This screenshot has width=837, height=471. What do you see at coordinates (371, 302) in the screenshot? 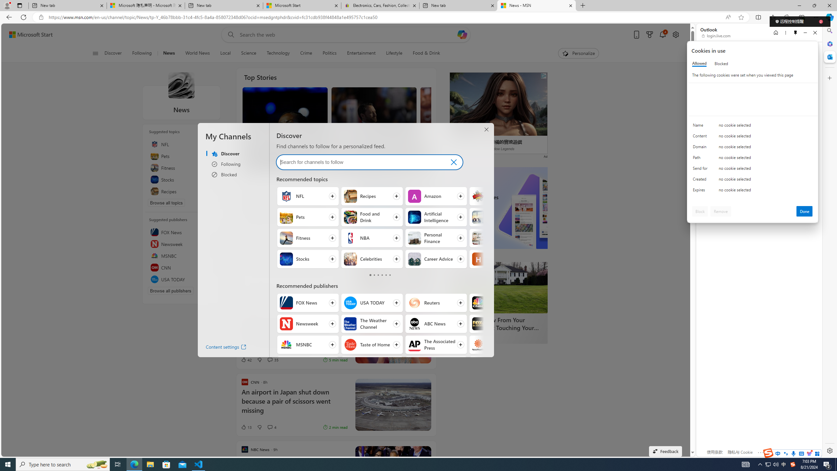
I see `'Follow USA TODAY'` at bounding box center [371, 302].